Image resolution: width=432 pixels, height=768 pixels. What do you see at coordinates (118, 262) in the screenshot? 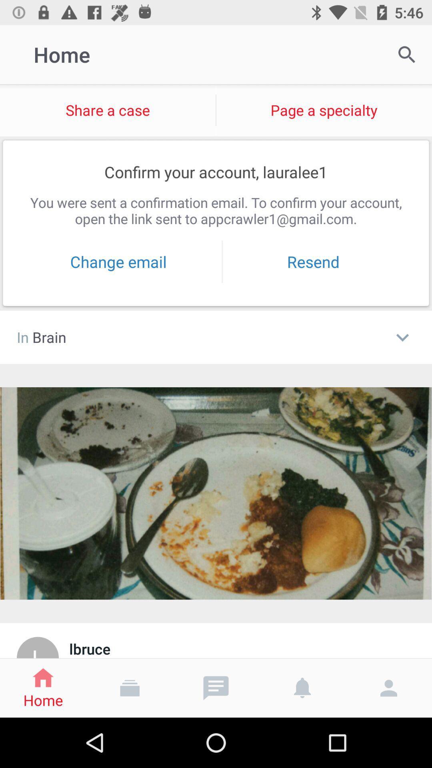
I see `the icon below you were sent` at bounding box center [118, 262].